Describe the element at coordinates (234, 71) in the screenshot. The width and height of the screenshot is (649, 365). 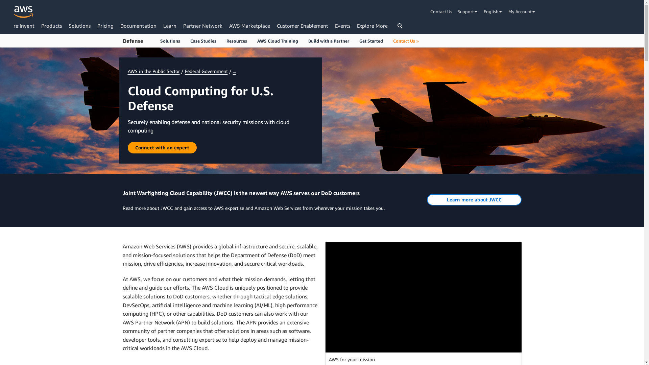
I see `'...'` at that location.